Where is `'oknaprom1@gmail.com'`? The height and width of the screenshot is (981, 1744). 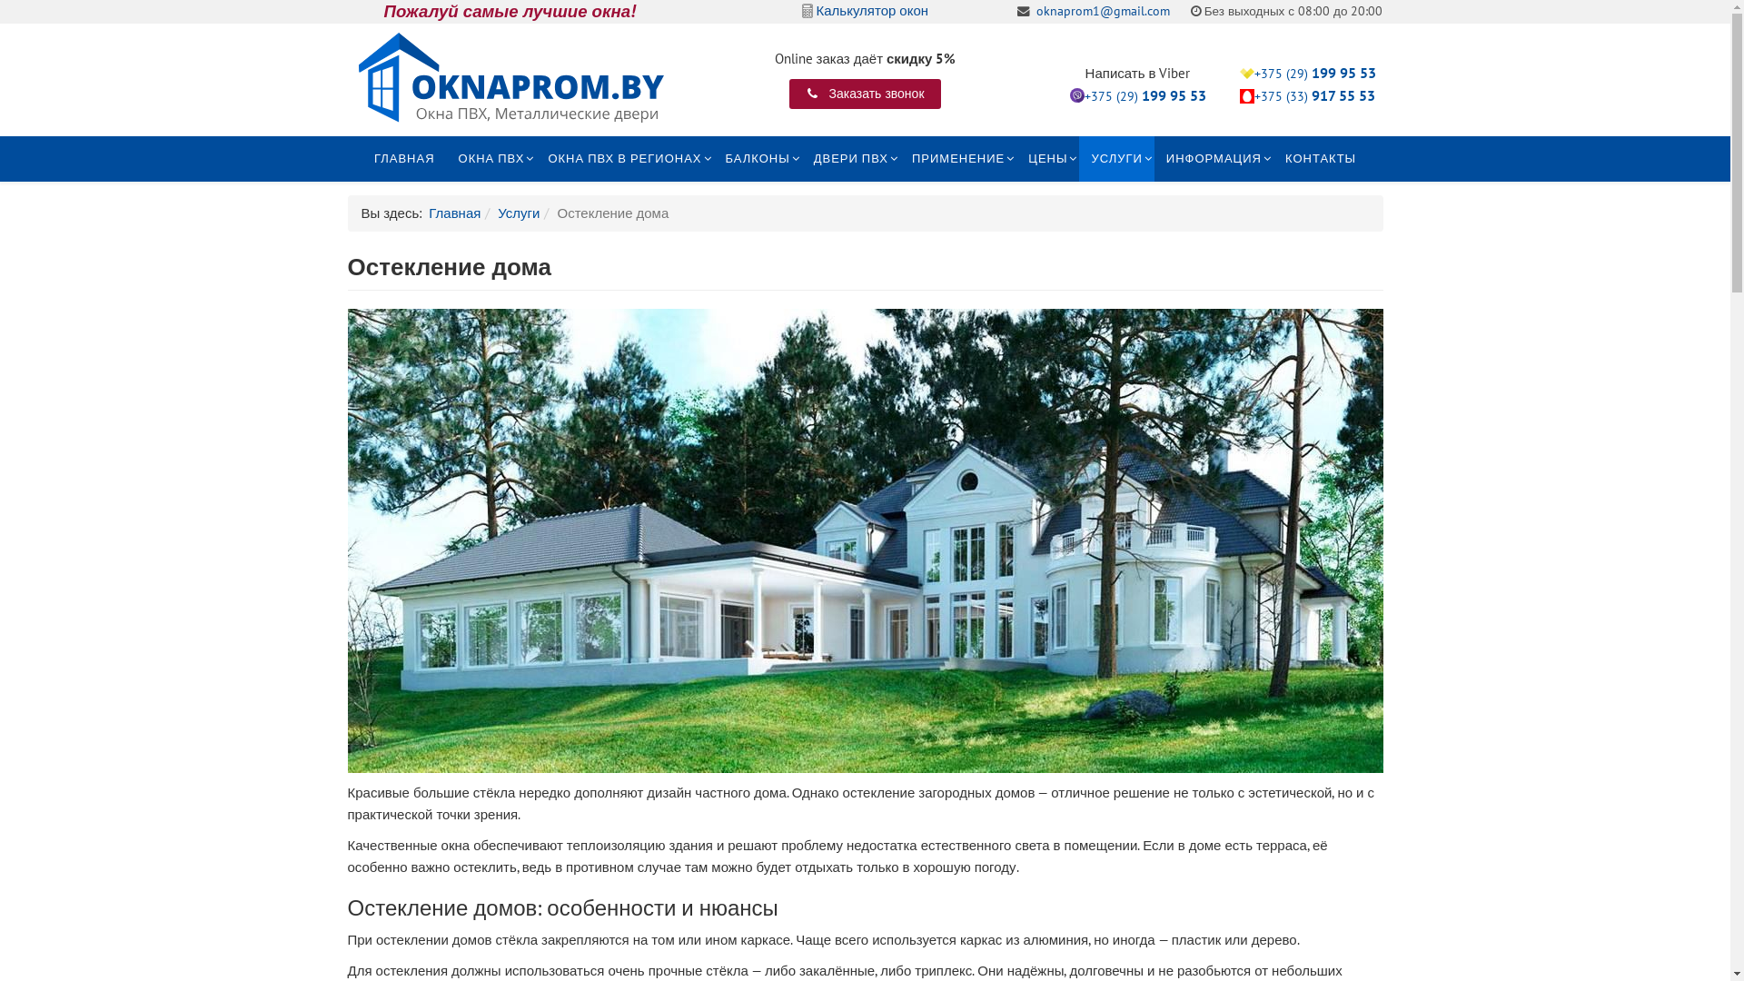
'oknaprom1@gmail.com' is located at coordinates (1102, 10).